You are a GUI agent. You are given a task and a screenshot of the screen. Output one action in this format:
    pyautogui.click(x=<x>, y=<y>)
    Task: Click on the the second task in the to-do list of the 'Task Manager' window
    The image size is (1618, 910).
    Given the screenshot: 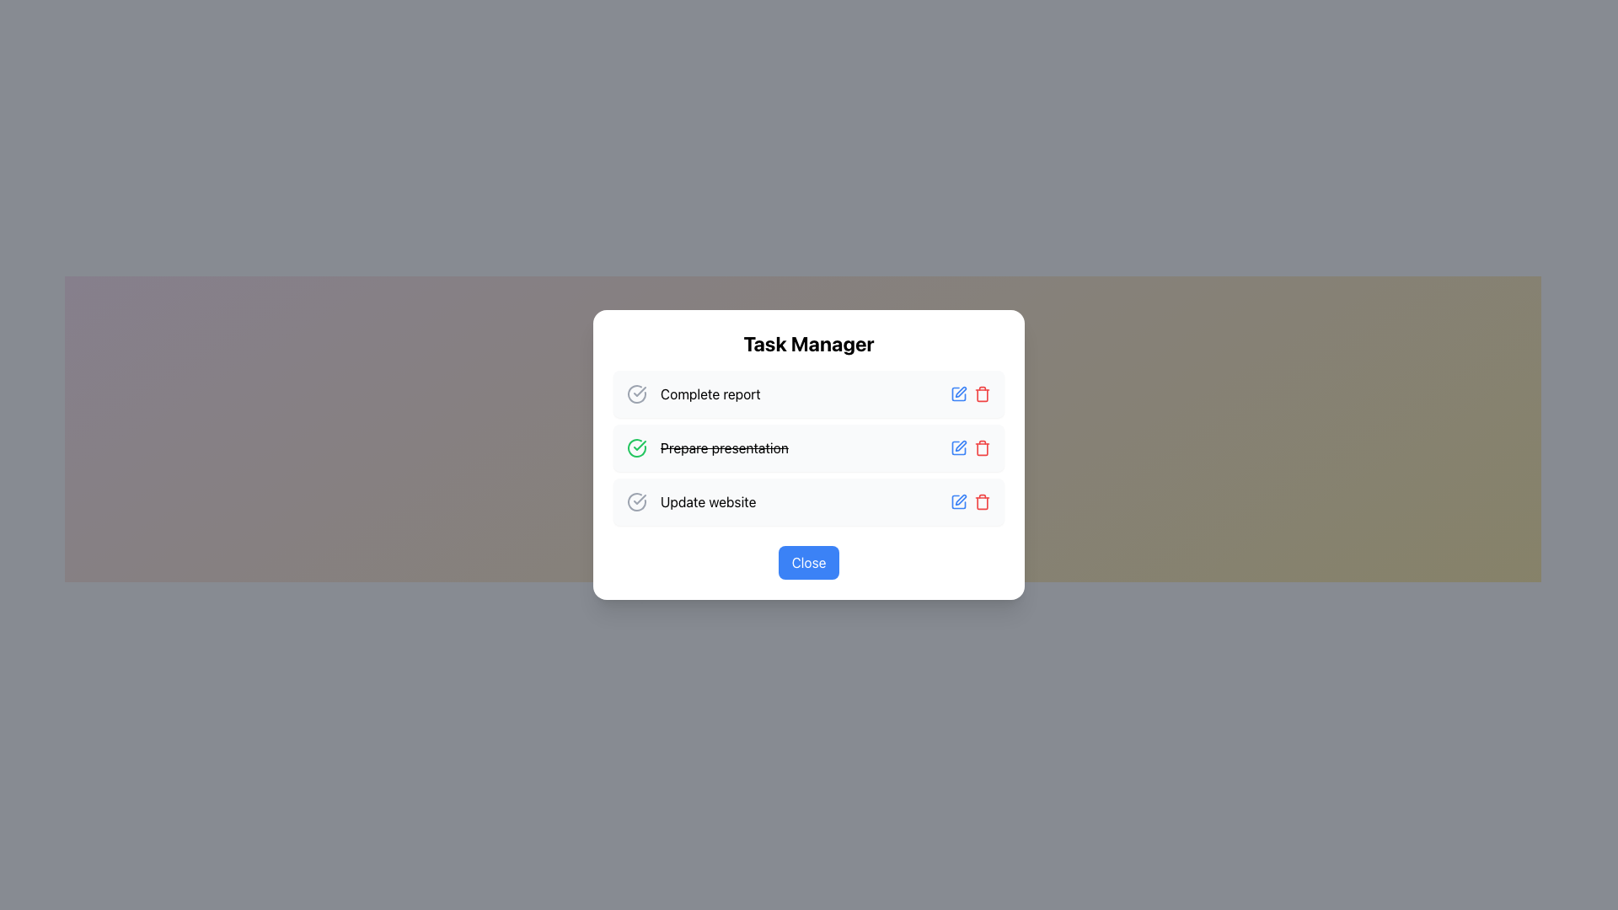 What is the action you would take?
    pyautogui.click(x=708, y=447)
    